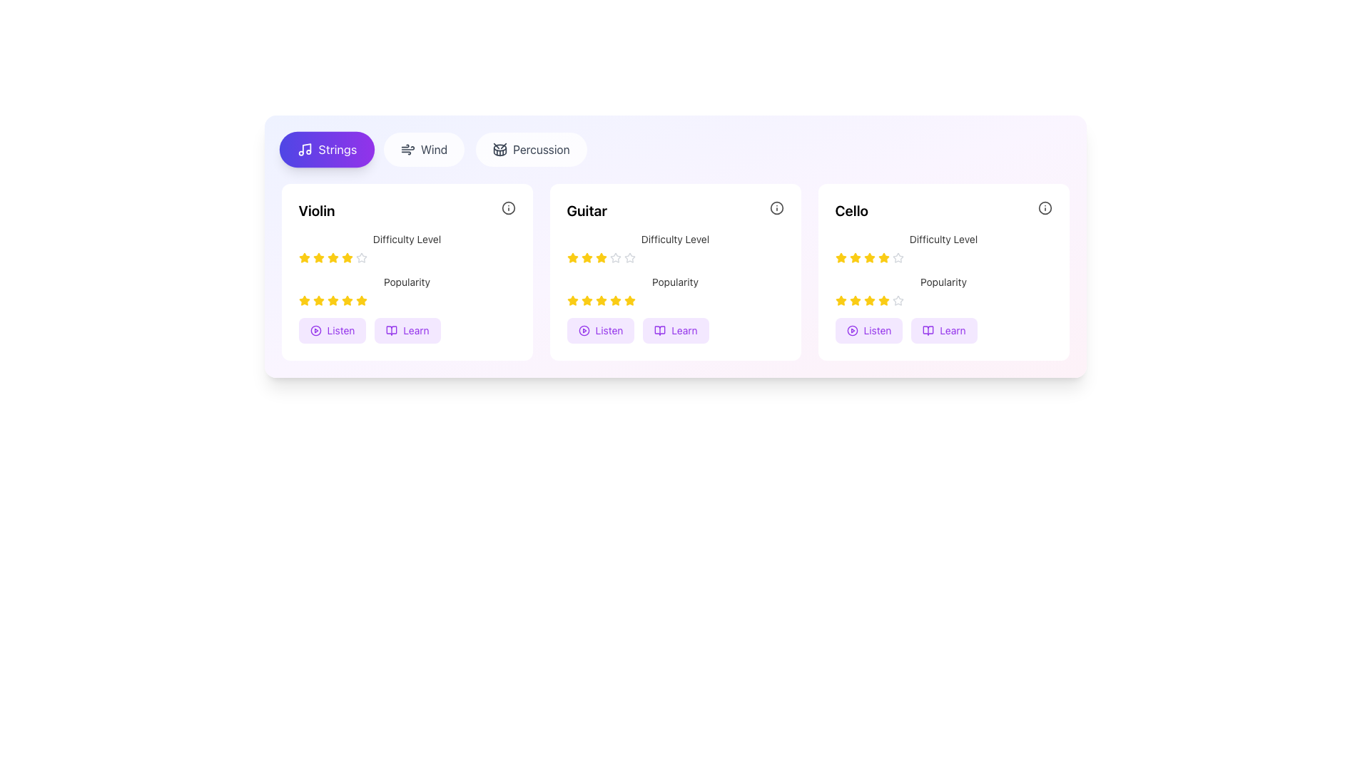 This screenshot has height=770, width=1370. Describe the element at coordinates (508, 208) in the screenshot. I see `the informational icon adjacent to the 'Violin' header` at that location.